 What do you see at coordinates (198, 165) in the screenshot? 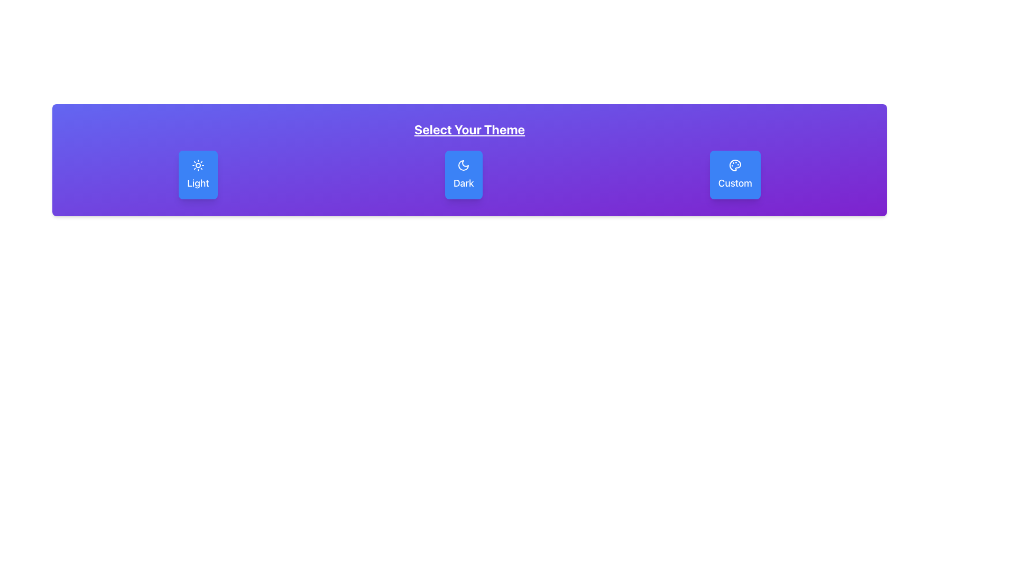
I see `the sun icon located at the top of the 'Light' button` at bounding box center [198, 165].